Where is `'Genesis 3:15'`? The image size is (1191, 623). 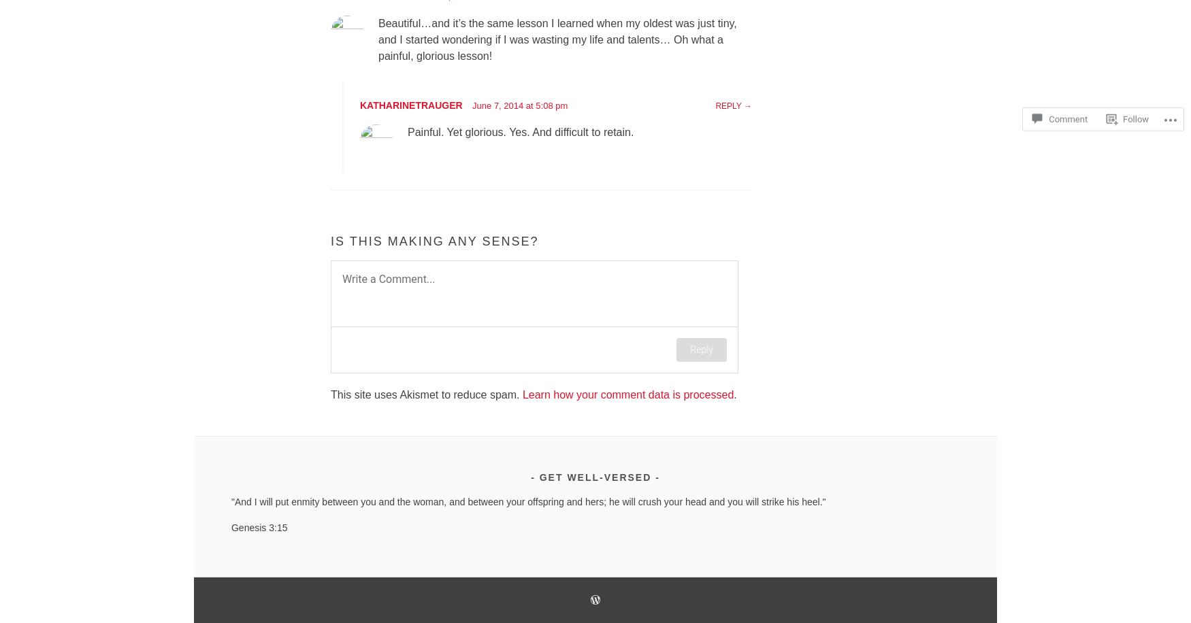
'Genesis 3:15' is located at coordinates (258, 526).